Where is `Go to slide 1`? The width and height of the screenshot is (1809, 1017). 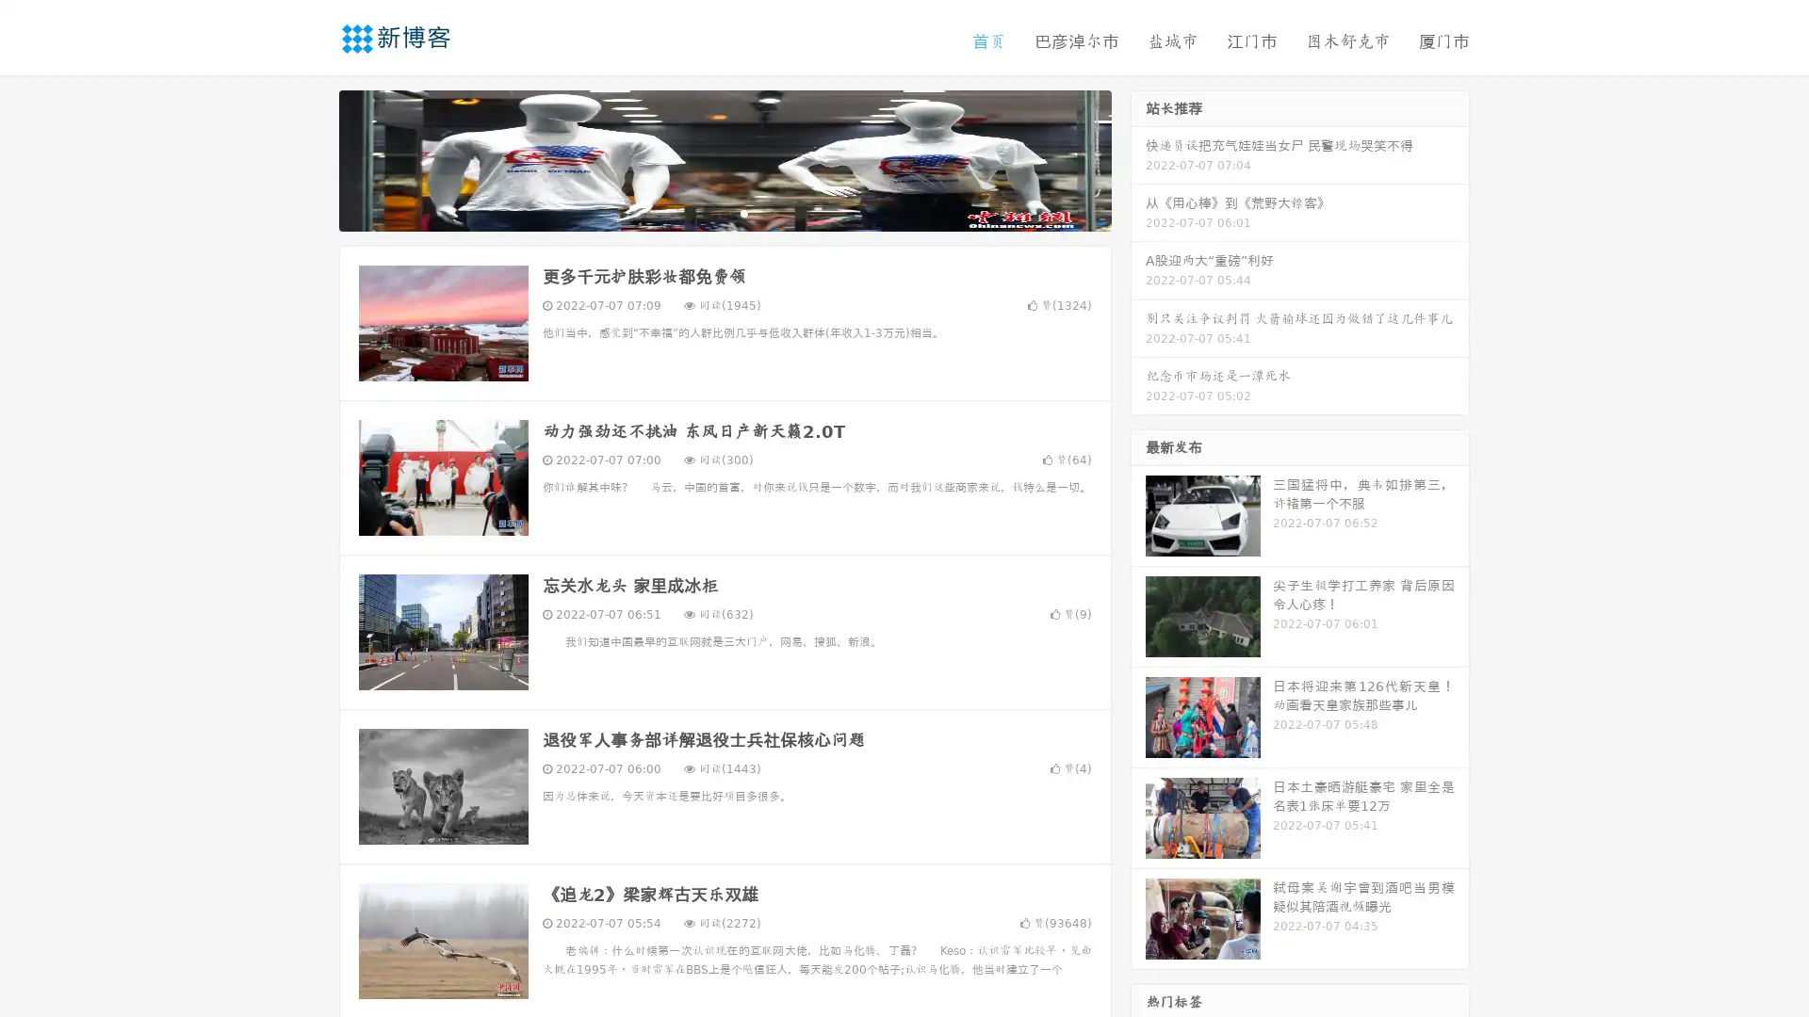
Go to slide 1 is located at coordinates (705, 212).